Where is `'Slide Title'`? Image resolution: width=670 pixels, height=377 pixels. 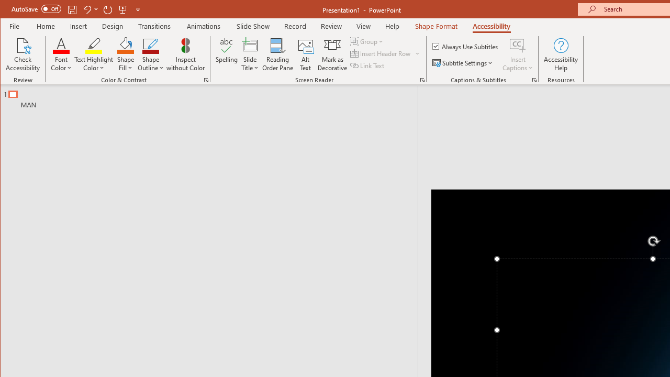 'Slide Title' is located at coordinates (250, 54).